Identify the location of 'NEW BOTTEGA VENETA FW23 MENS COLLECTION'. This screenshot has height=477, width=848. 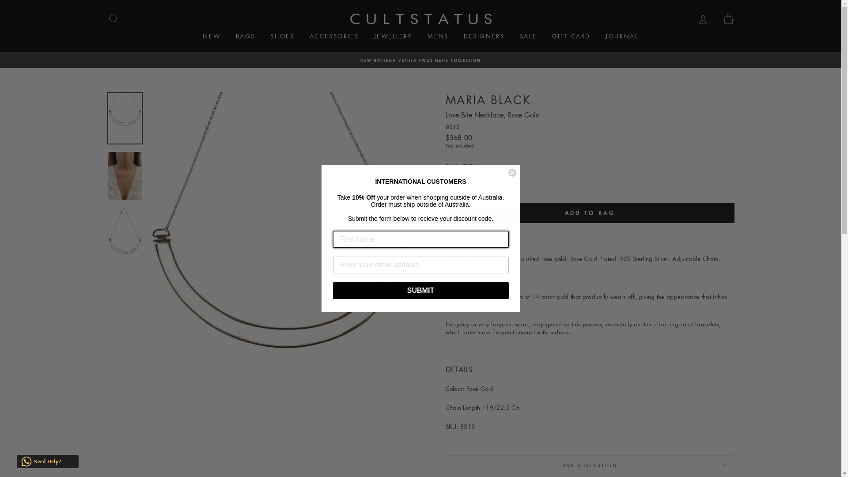
(420, 60).